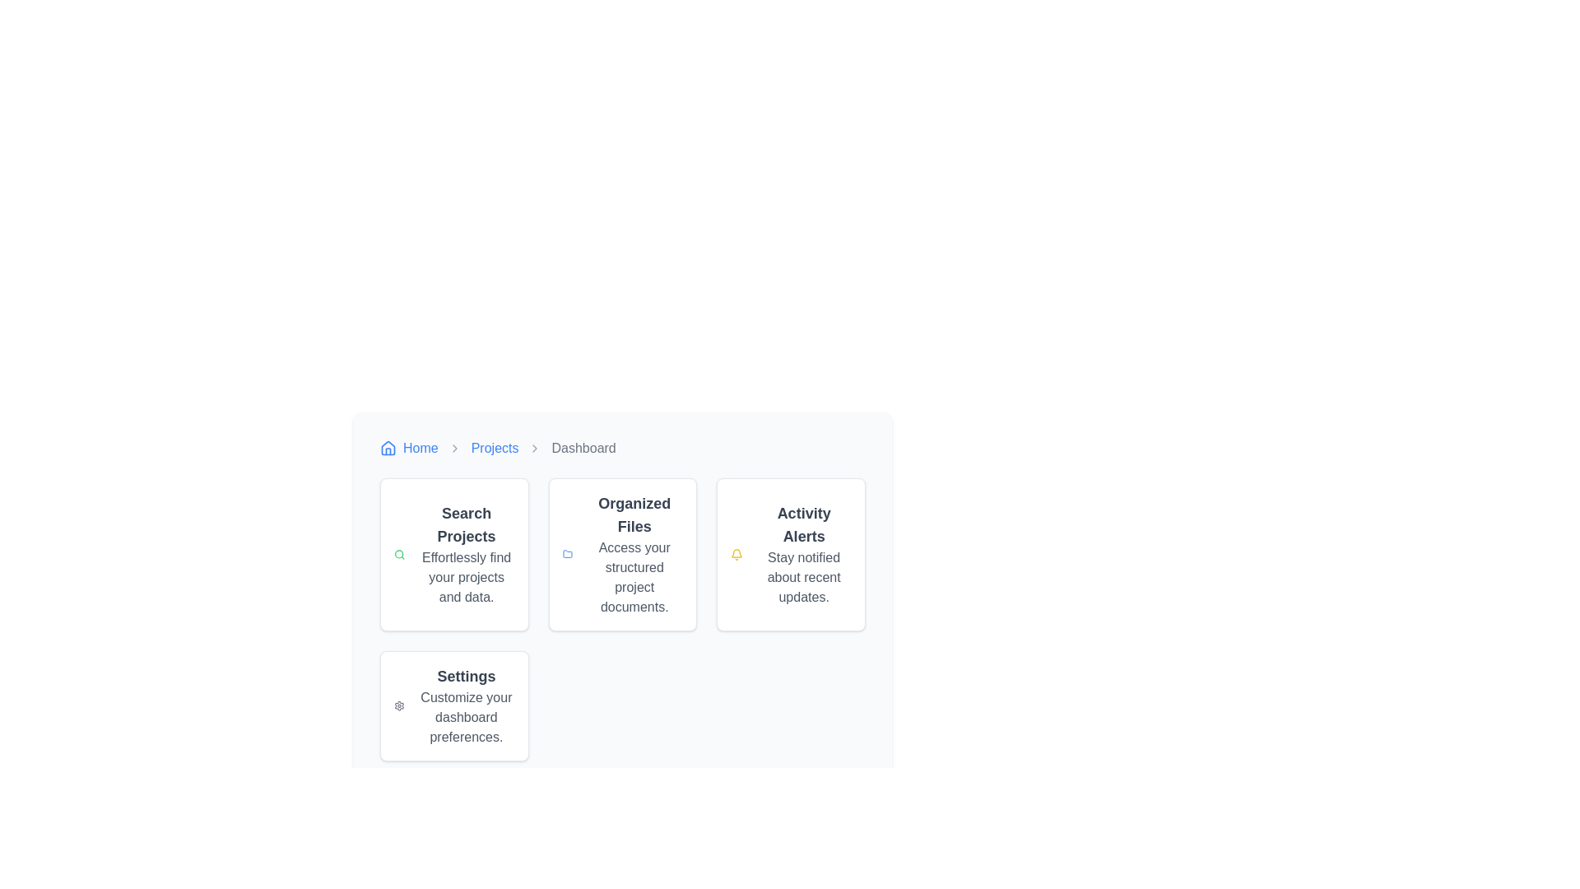  What do you see at coordinates (804, 577) in the screenshot?
I see `the text label that reads 'Stay notified about recent updates.' which is styled with a gray font color and is centered within the 'Activity Alerts' card` at bounding box center [804, 577].